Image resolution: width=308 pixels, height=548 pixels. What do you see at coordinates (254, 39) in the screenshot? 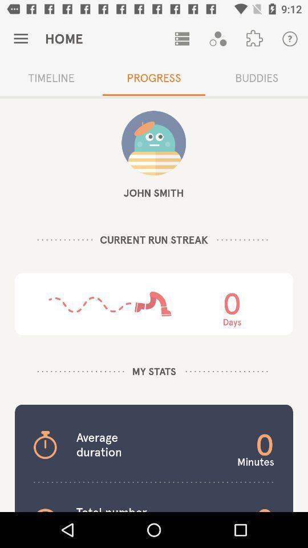
I see `puzzle icon above buddies` at bounding box center [254, 39].